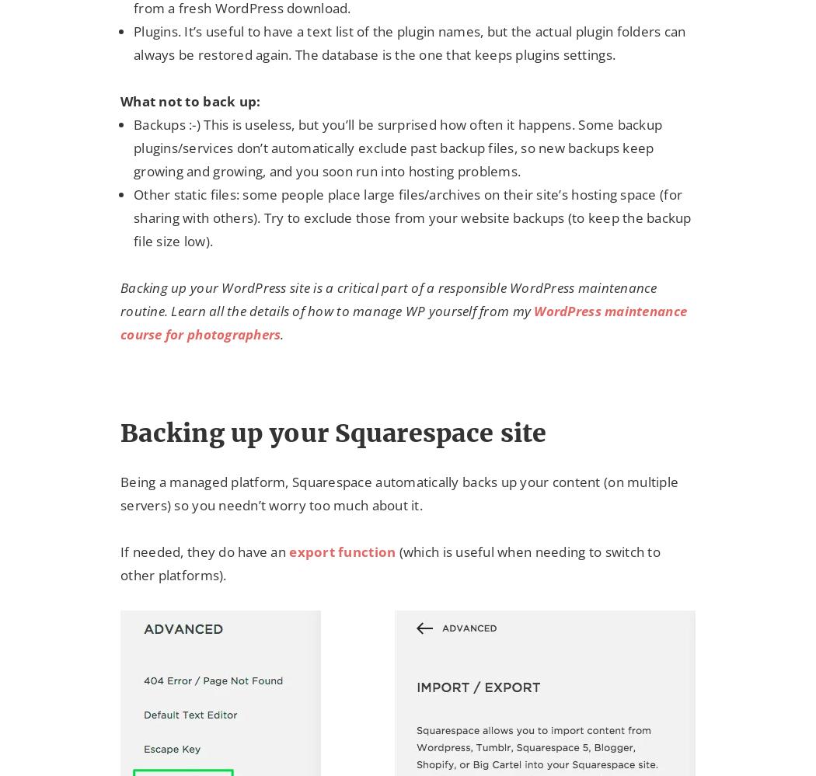  I want to click on '(which is useful when needing to switch to other platforms).', so click(389, 562).